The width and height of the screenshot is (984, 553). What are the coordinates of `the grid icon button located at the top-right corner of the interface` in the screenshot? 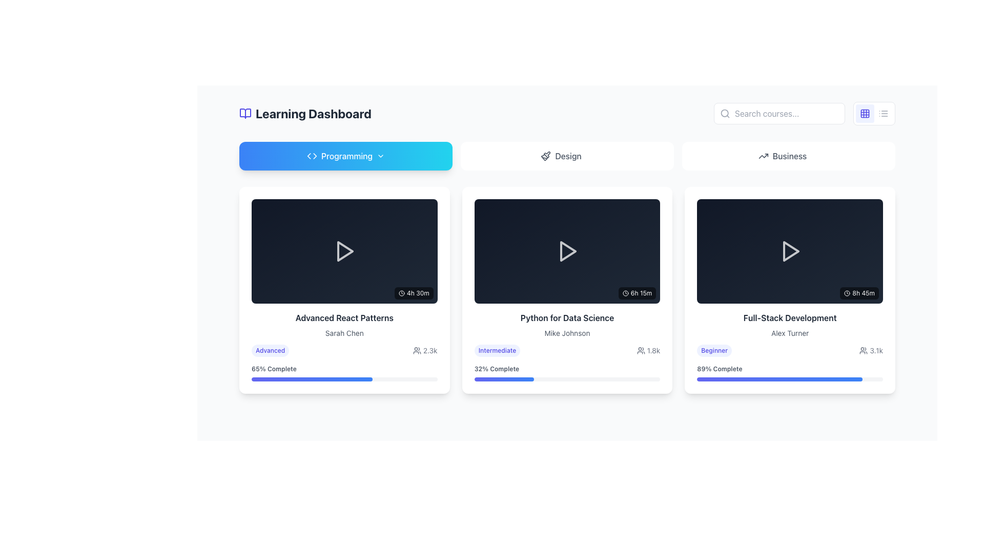 It's located at (865, 114).